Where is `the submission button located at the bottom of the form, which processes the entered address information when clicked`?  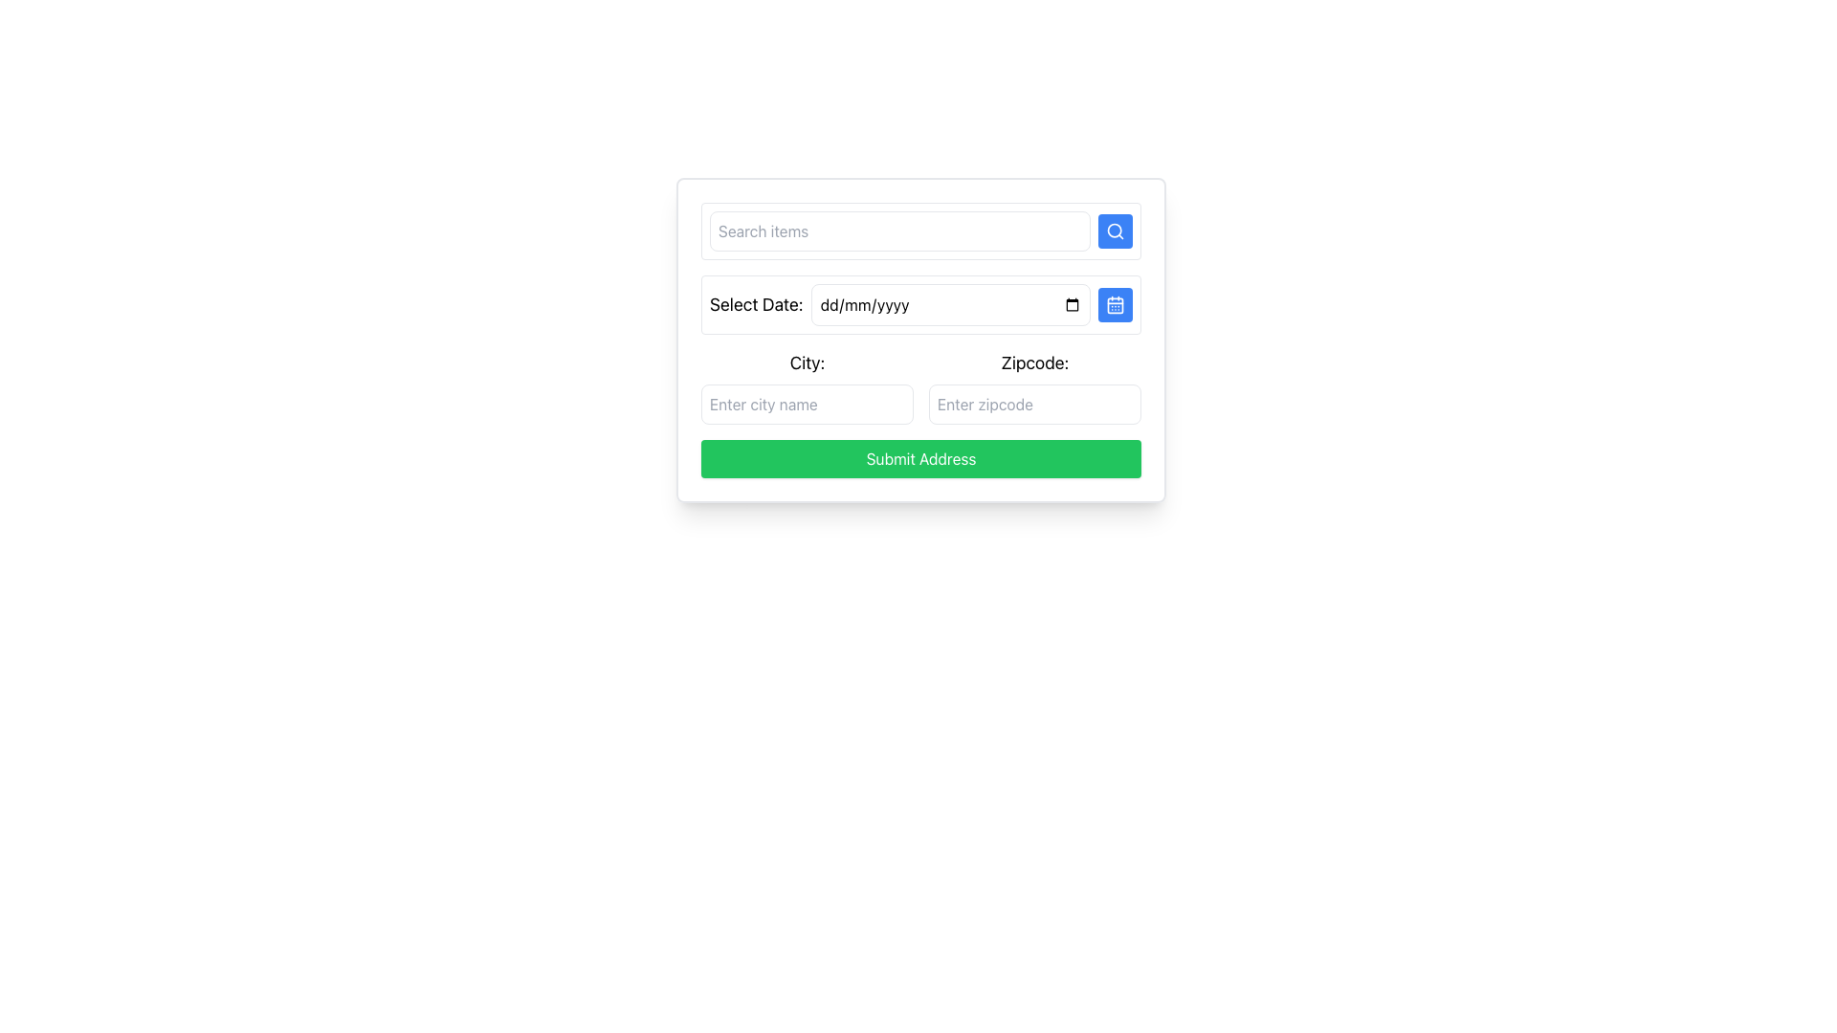
the submission button located at the bottom of the form, which processes the entered address information when clicked is located at coordinates (921, 458).